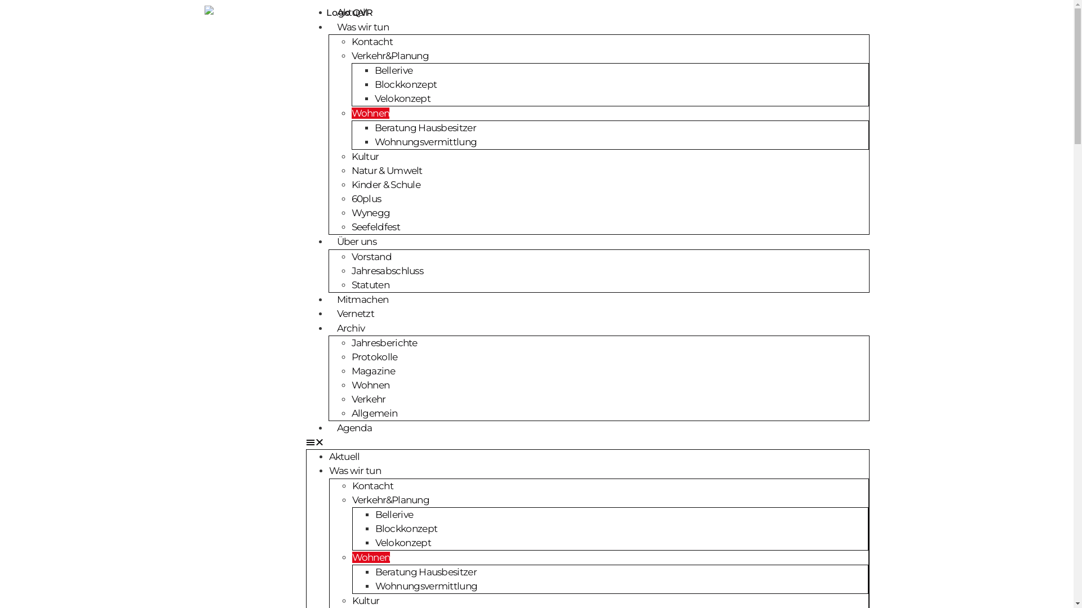 This screenshot has width=1082, height=608. I want to click on 'Velokonzept', so click(402, 97).